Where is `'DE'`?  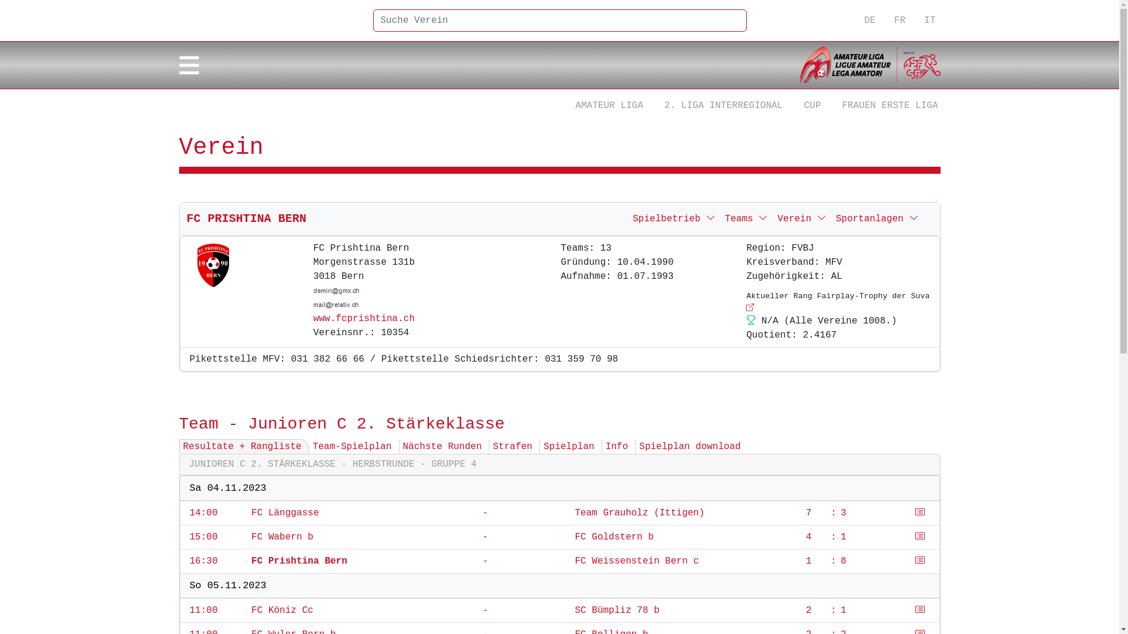
'DE' is located at coordinates (869, 20).